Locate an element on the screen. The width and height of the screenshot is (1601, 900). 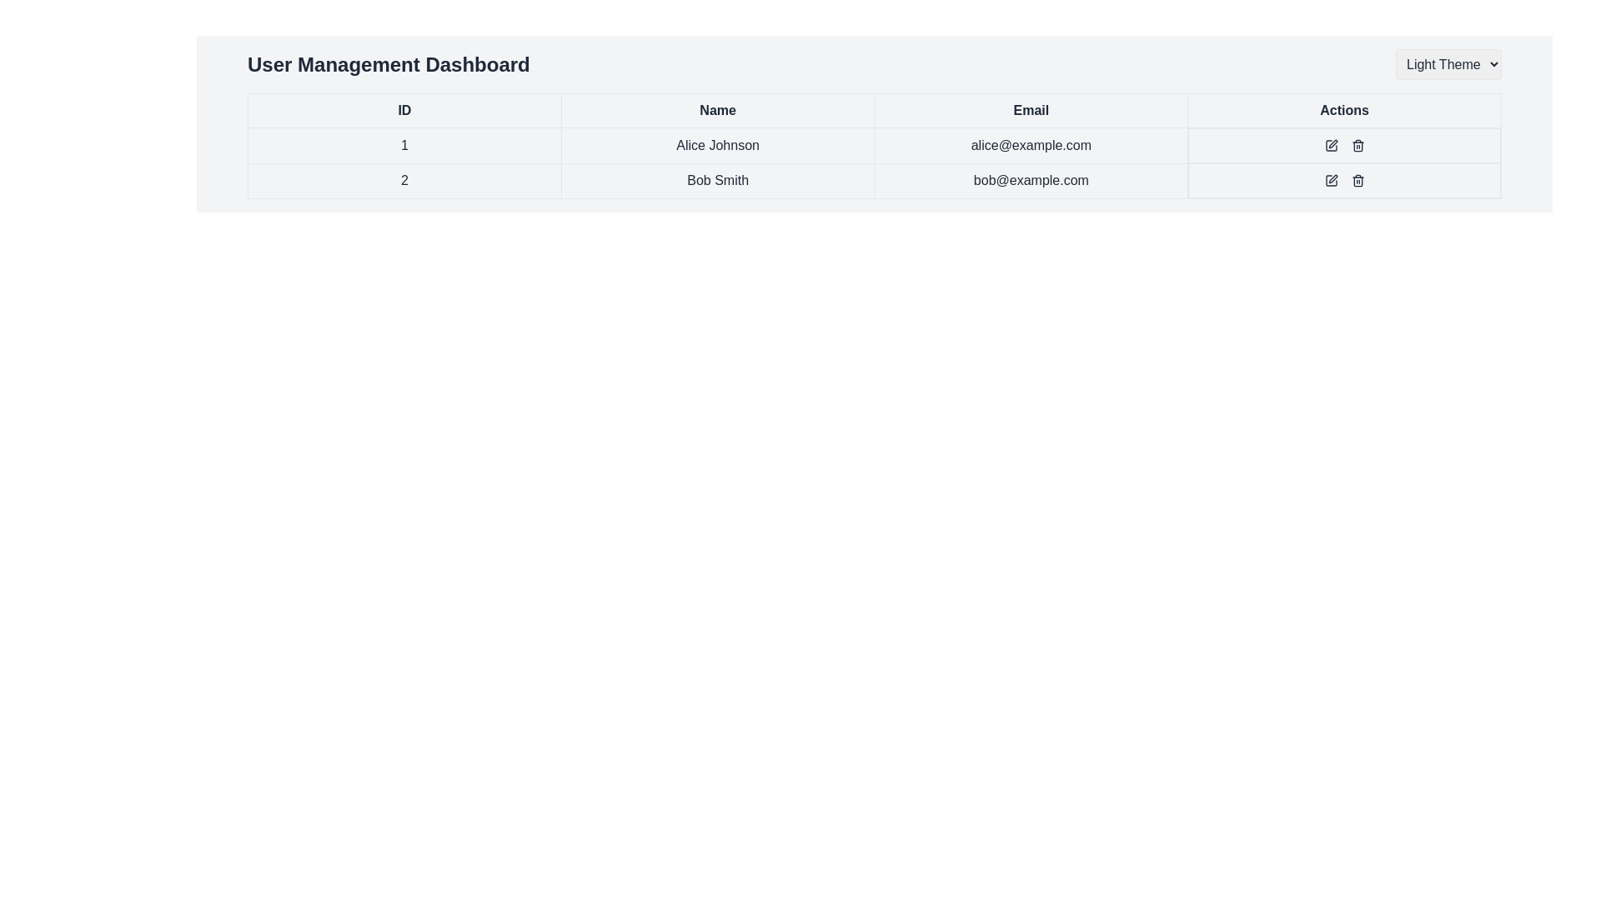
the Edit Action icon shaped like a pen in the Actions column for user 'Bob Smith' is located at coordinates (1332, 179).